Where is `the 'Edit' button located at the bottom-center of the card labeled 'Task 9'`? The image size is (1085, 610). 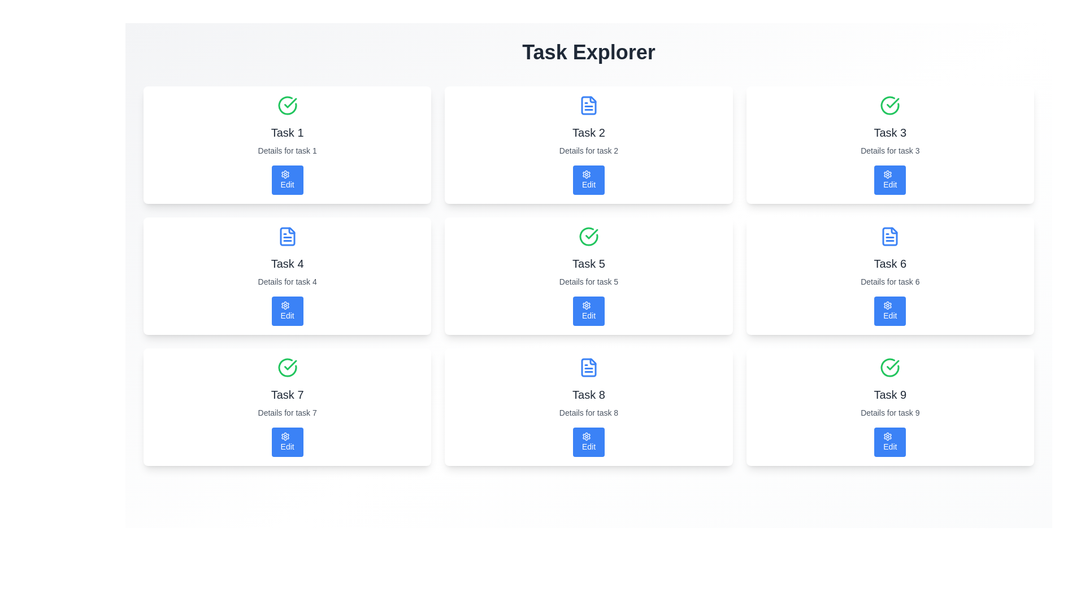
the 'Edit' button located at the bottom-center of the card labeled 'Task 9' is located at coordinates (889, 442).